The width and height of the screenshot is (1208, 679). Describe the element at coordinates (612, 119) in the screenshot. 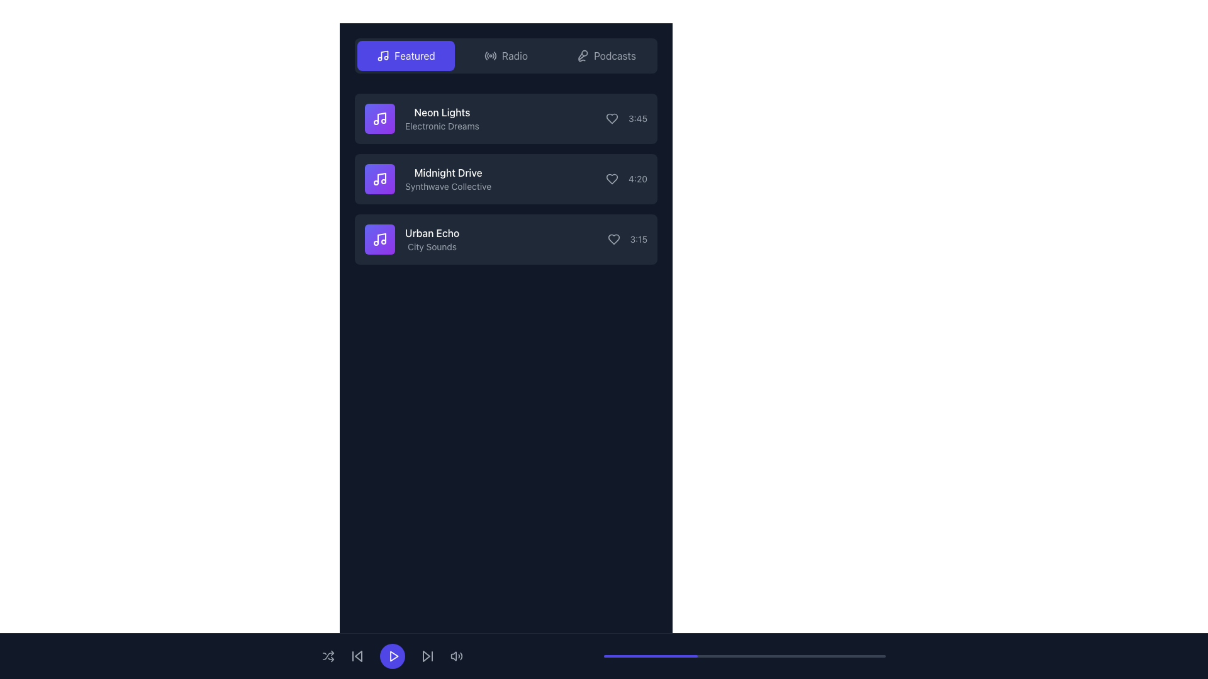

I see `the favorite button located to the left of the text '3:45' in the list item for the song 'Neon Lights'` at that location.